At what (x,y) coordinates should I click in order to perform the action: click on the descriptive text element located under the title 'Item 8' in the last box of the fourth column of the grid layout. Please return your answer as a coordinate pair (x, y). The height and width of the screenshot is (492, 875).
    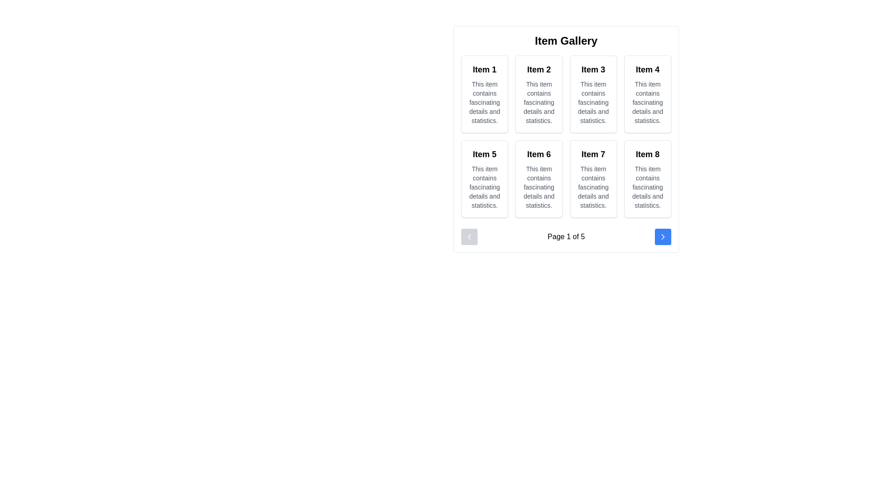
    Looking at the image, I should click on (647, 187).